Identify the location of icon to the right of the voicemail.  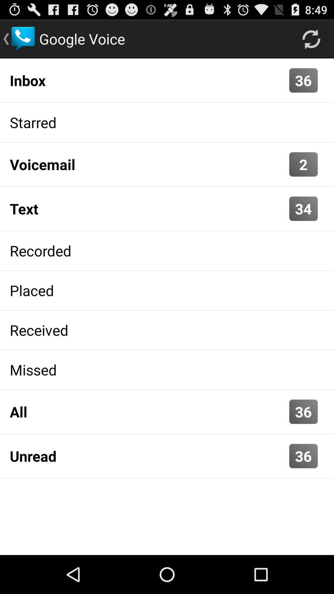
(303, 164).